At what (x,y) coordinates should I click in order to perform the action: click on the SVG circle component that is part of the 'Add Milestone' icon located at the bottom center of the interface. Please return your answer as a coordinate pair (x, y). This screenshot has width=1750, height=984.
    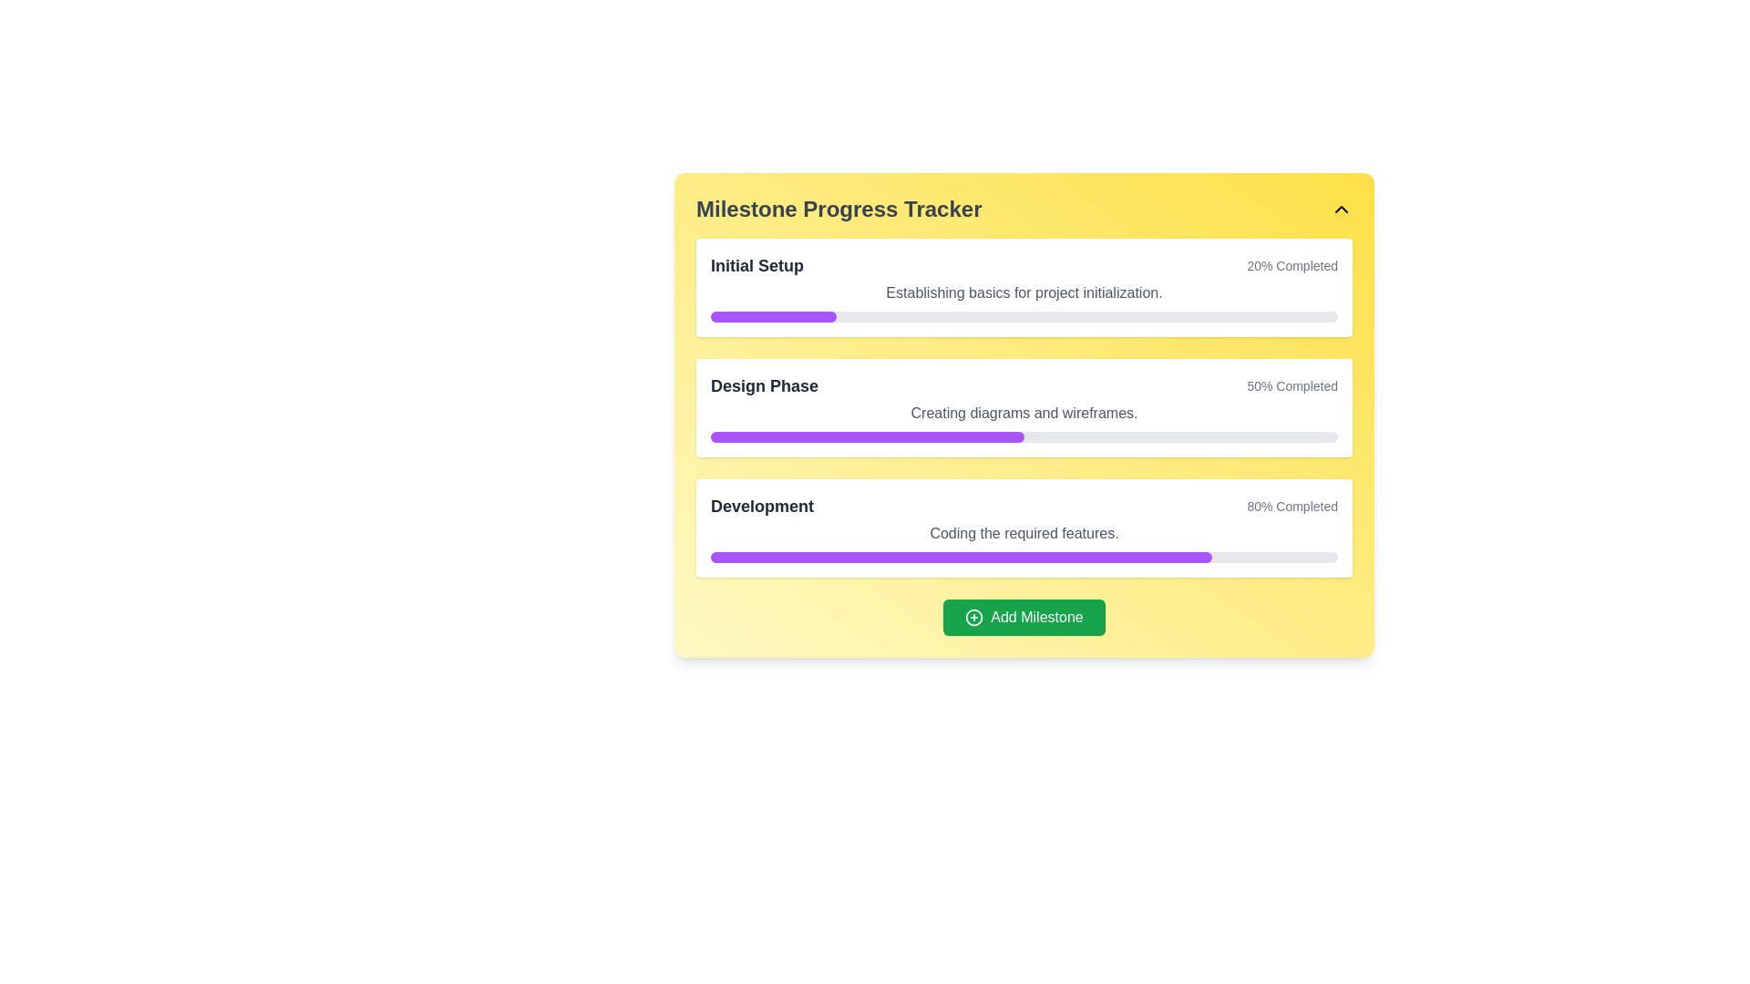
    Looking at the image, I should click on (973, 617).